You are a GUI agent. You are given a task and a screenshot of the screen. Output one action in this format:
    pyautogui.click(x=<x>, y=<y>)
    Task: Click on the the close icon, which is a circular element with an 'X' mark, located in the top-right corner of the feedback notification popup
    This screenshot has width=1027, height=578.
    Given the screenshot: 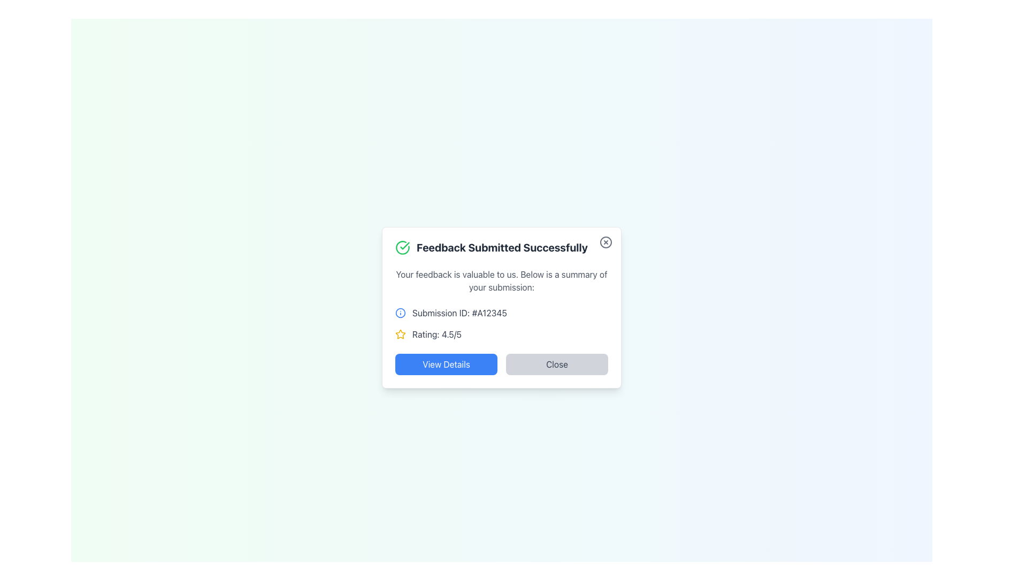 What is the action you would take?
    pyautogui.click(x=606, y=242)
    